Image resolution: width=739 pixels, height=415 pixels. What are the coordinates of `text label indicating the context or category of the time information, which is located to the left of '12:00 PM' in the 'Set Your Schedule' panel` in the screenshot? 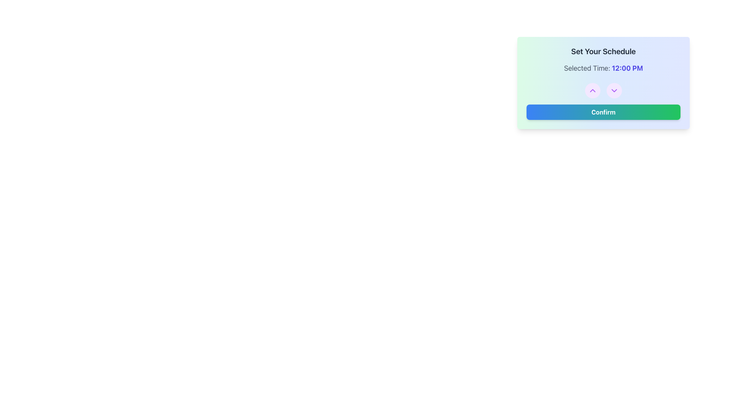 It's located at (587, 68).